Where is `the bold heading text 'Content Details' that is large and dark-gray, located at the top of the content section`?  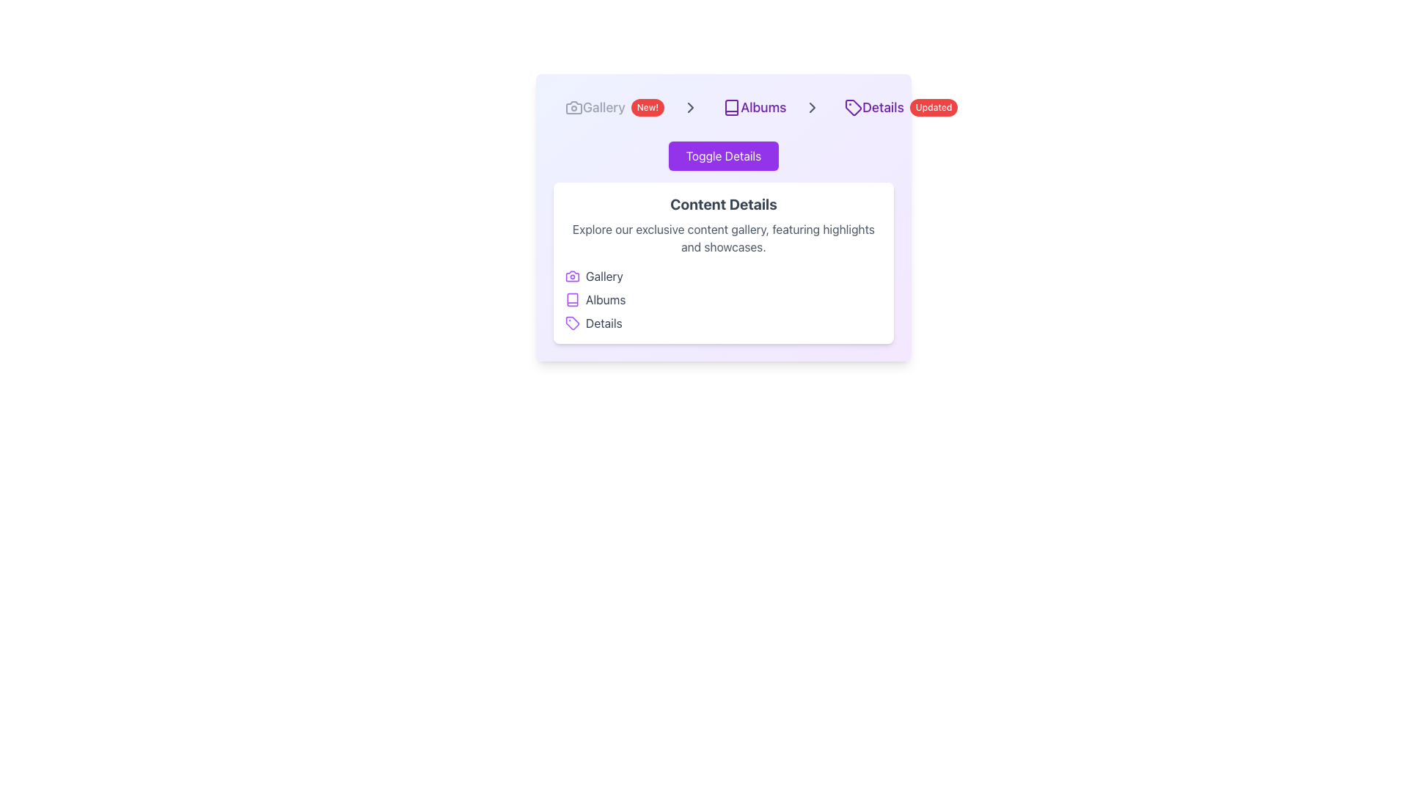
the bold heading text 'Content Details' that is large and dark-gray, located at the top of the content section is located at coordinates (724, 204).